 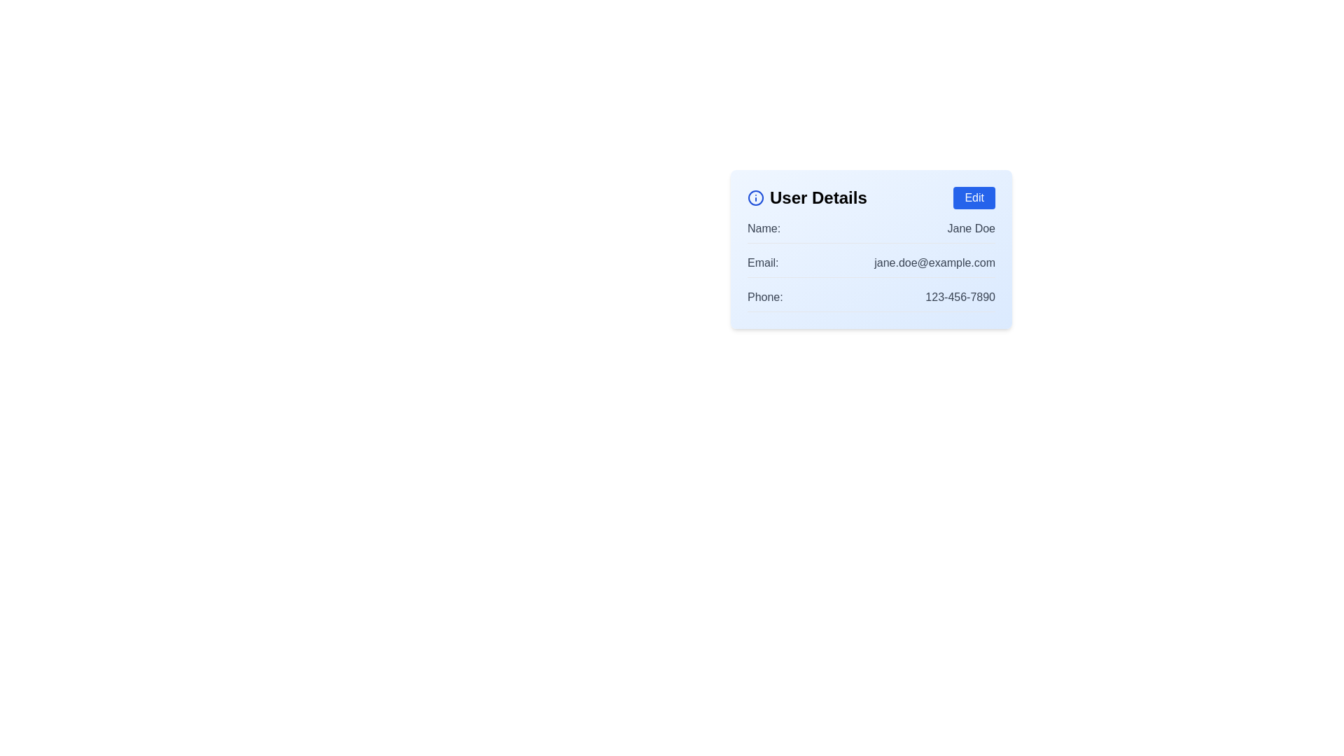 What do you see at coordinates (870, 266) in the screenshot?
I see `the Text display component that shows user details, including name, email, and phone number, which is located in the central section of the user detail card` at bounding box center [870, 266].